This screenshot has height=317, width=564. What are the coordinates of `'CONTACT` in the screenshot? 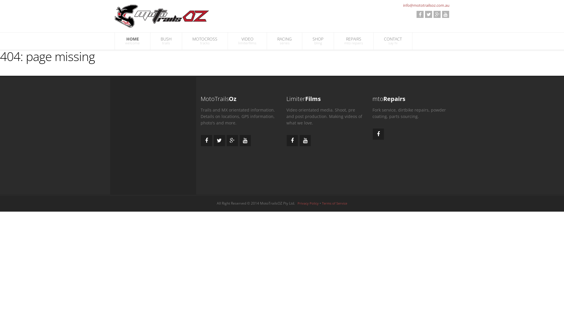 It's located at (393, 41).